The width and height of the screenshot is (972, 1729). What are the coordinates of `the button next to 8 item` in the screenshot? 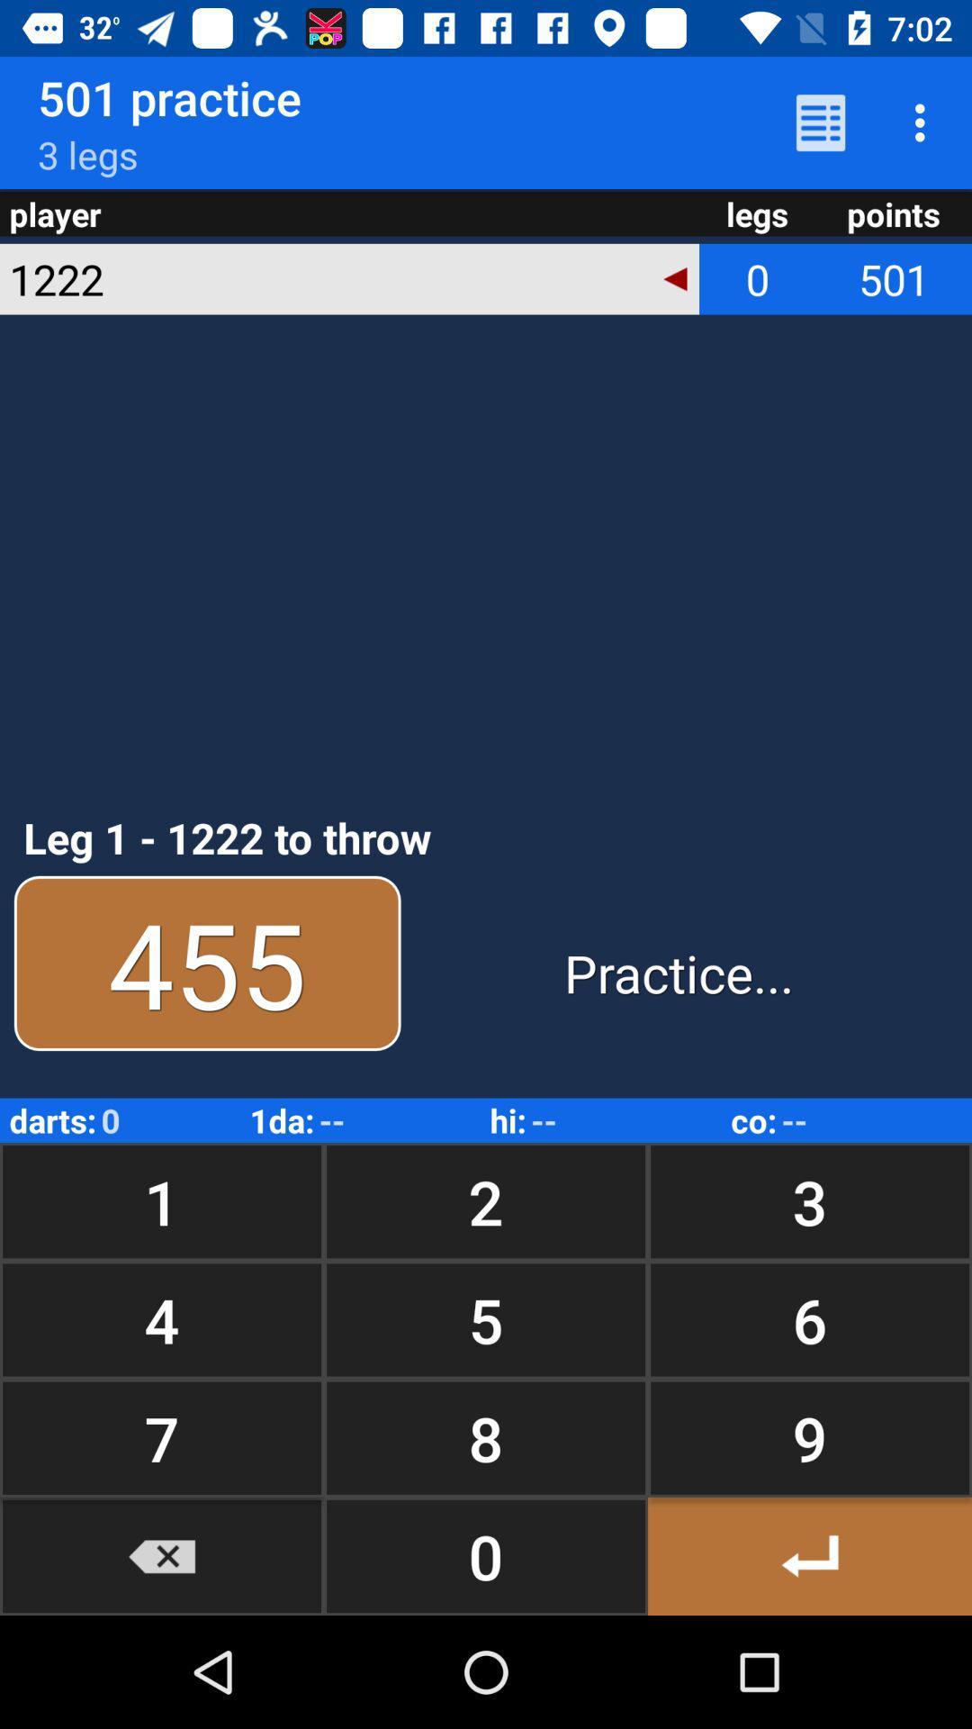 It's located at (162, 1555).